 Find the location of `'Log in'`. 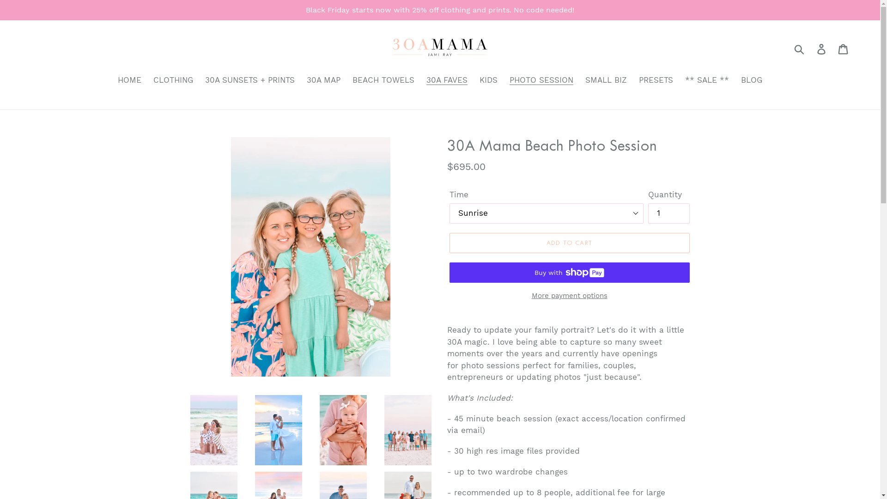

'Log in' is located at coordinates (822, 48).